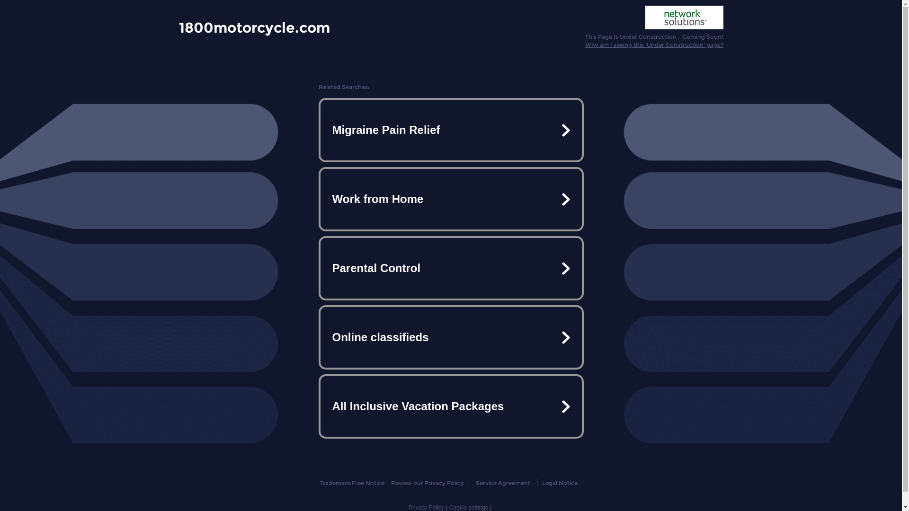 The image size is (909, 511). What do you see at coordinates (560, 483) in the screenshot?
I see `'Legal Notice'` at bounding box center [560, 483].